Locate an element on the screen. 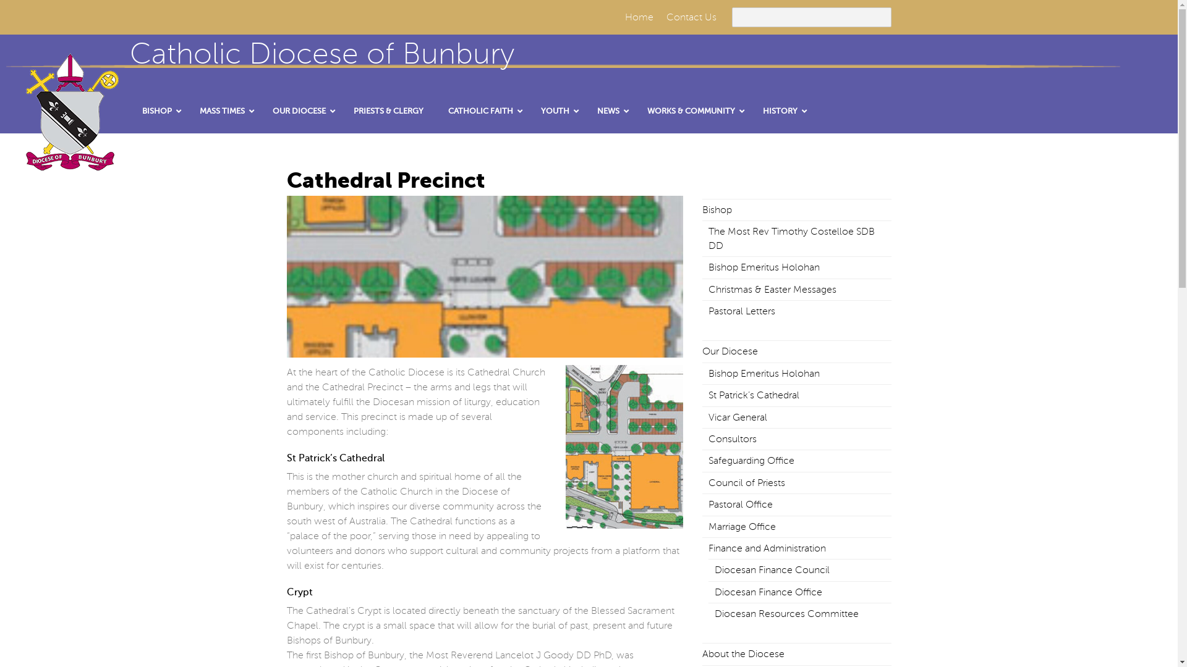  'Home' is located at coordinates (638, 17).